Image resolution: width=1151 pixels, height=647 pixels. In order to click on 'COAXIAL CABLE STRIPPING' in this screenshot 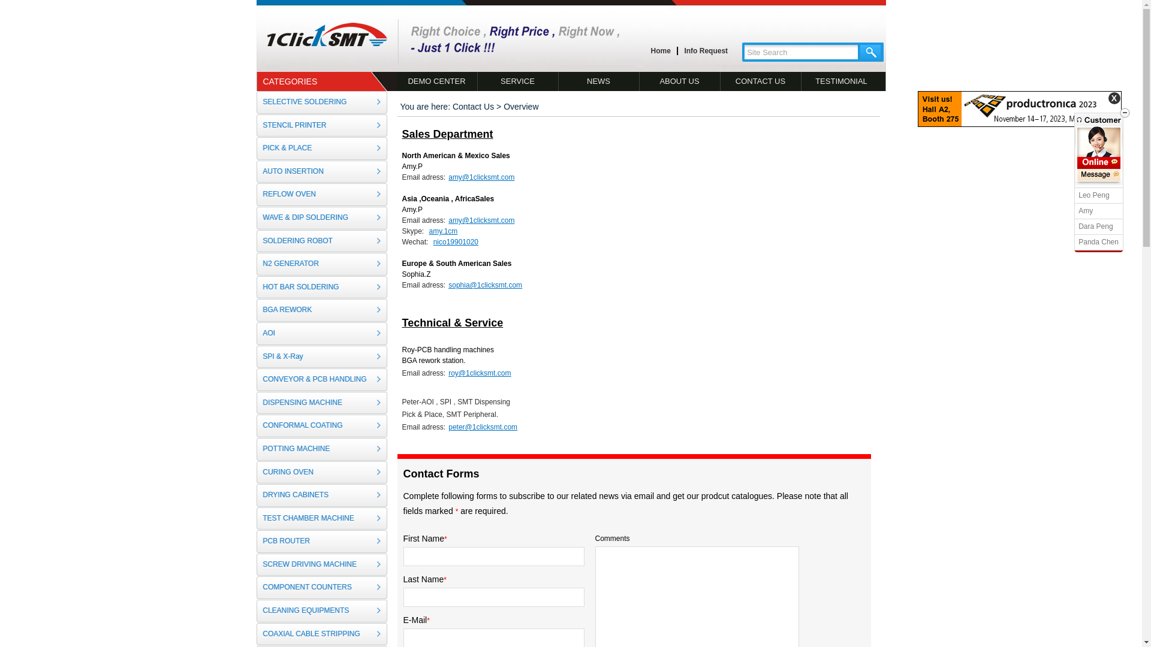, I will do `click(322, 634)`.